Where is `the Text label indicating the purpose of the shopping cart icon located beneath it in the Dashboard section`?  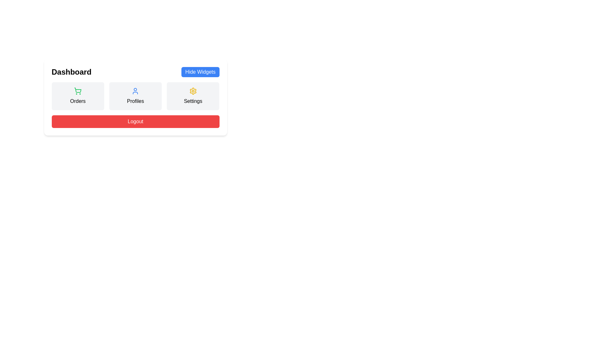
the Text label indicating the purpose of the shopping cart icon located beneath it in the Dashboard section is located at coordinates (78, 101).